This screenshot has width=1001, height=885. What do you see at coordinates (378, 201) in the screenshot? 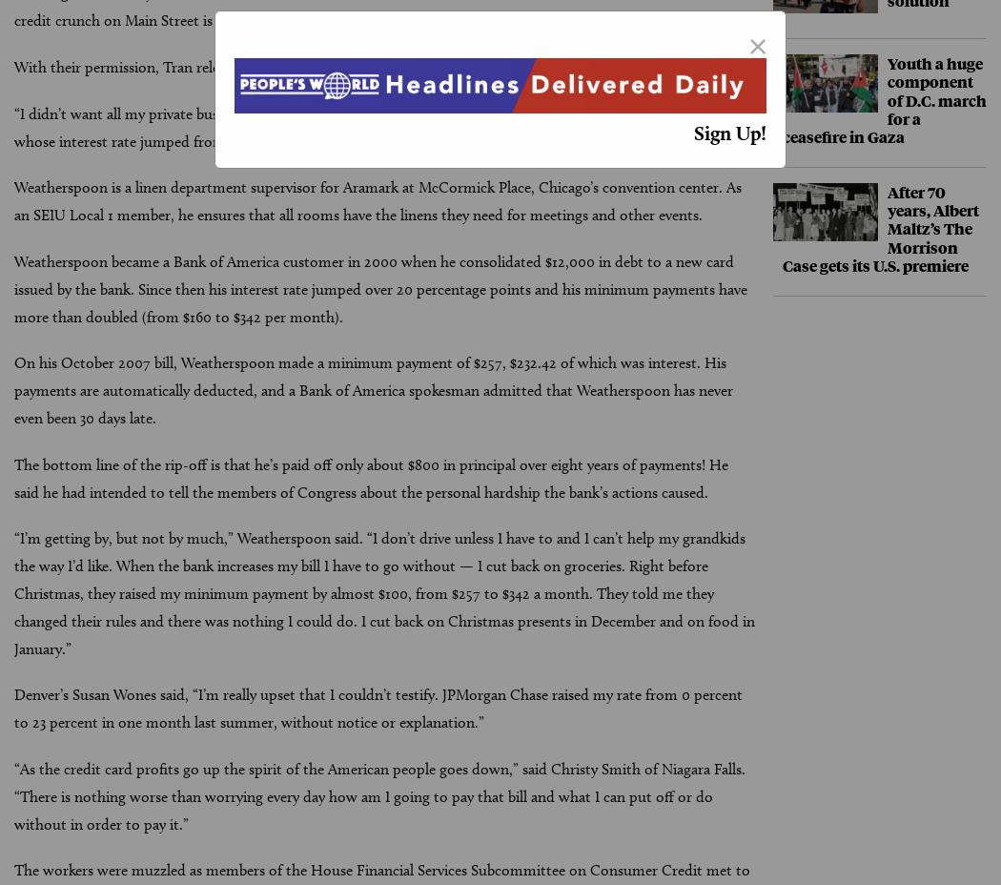
I see `'Weatherspoon is a linen department supervisor for Aramark at McCormick Place, Chicago’s convention center. As an SEIU Local 1 member, he ensures that all rooms have the linens they need for meetings and other events.'` at bounding box center [378, 201].